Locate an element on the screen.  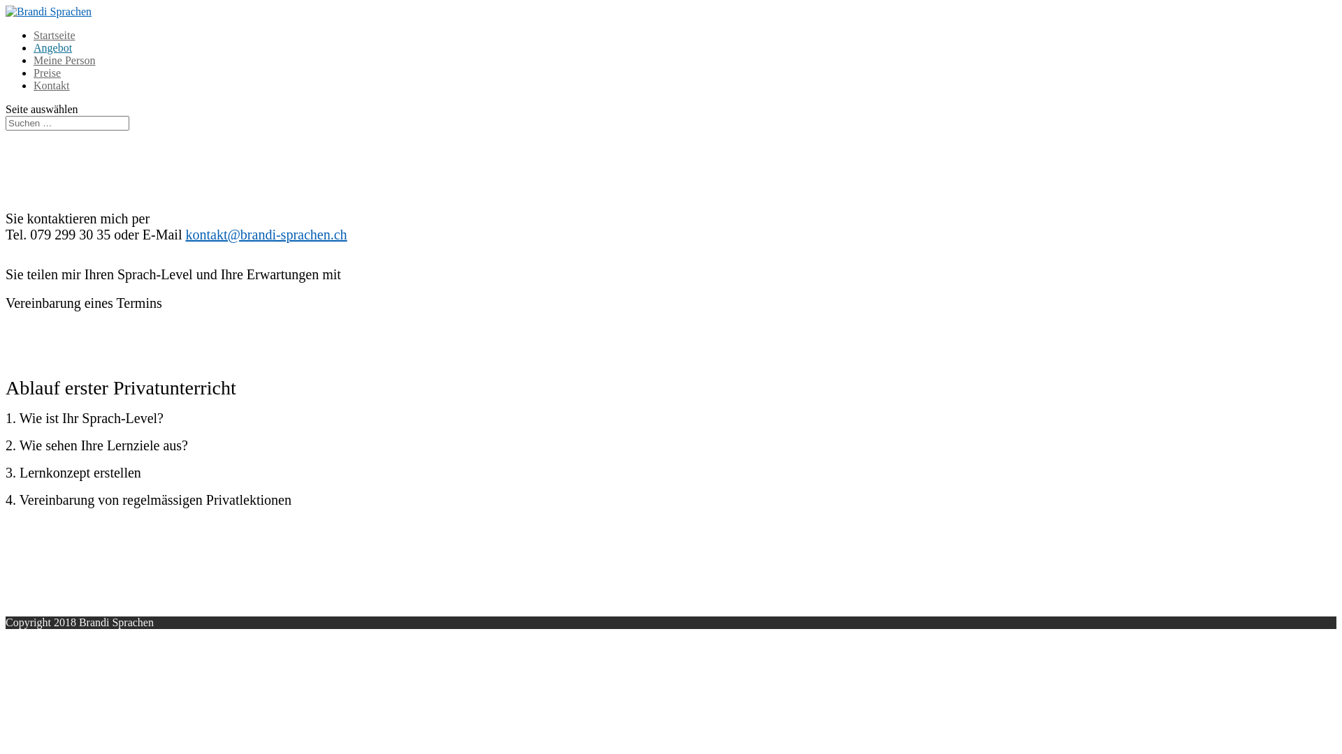
'Preise' is located at coordinates (47, 73).